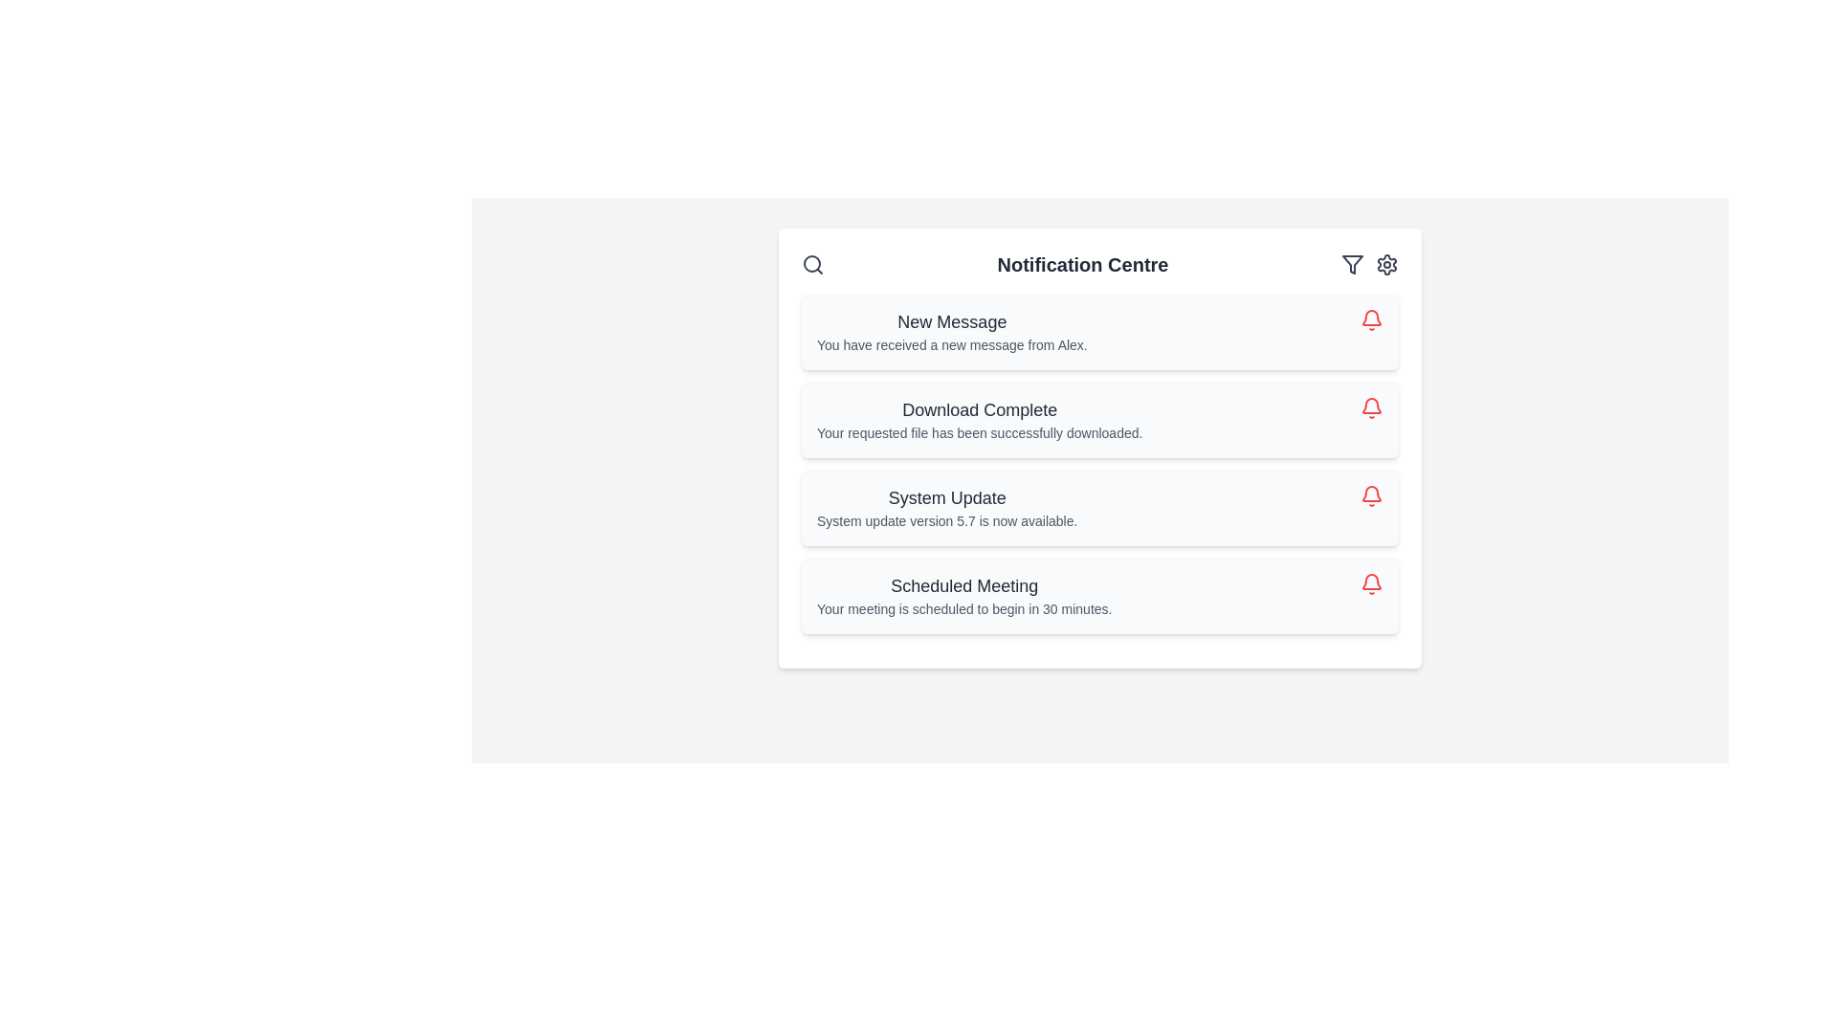  Describe the element at coordinates (952, 320) in the screenshot. I see `the 'New Message' text label, which is the header of the first notification card in the Notification Centre interface` at that location.